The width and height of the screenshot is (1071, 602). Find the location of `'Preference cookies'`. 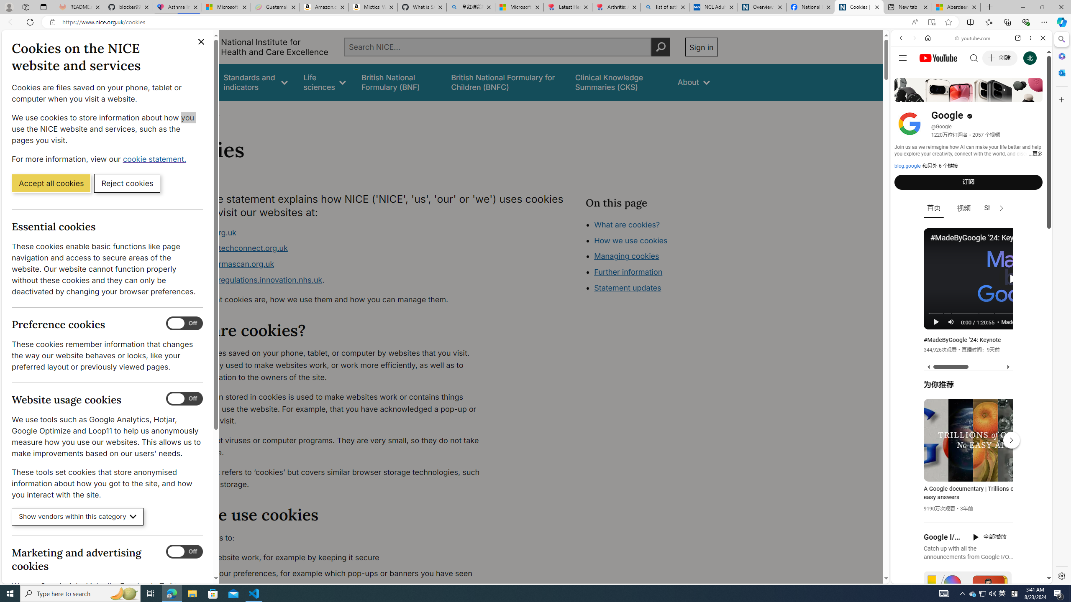

'Preference cookies' is located at coordinates (184, 323).